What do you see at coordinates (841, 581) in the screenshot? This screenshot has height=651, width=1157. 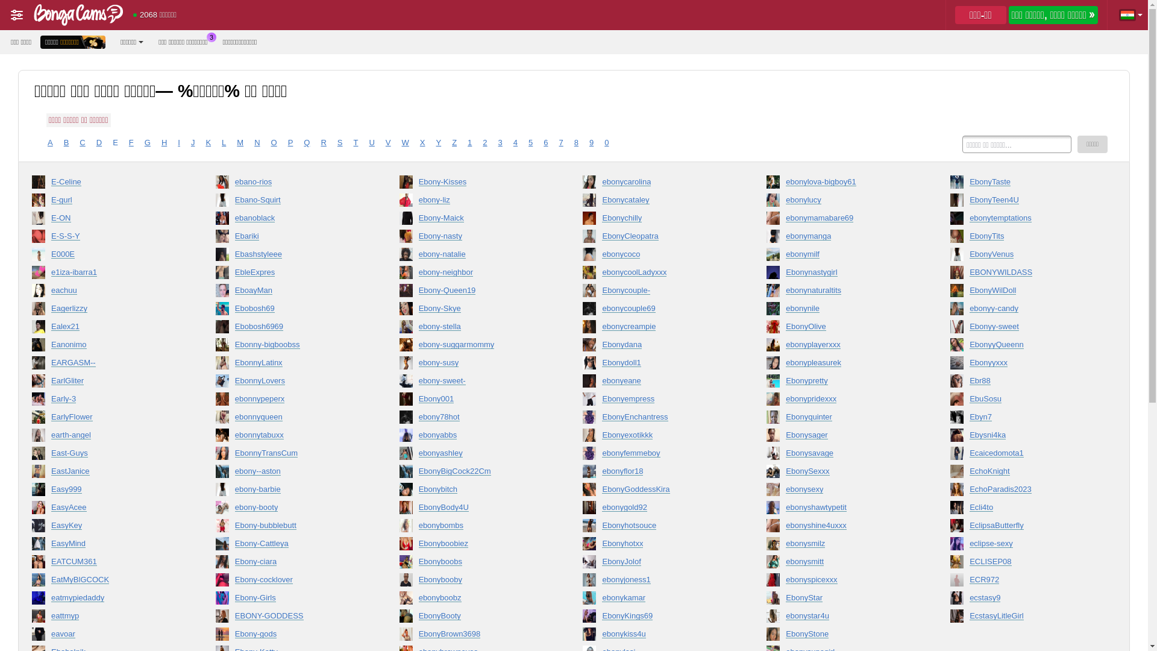 I see `'ebonyspicexxx'` at bounding box center [841, 581].